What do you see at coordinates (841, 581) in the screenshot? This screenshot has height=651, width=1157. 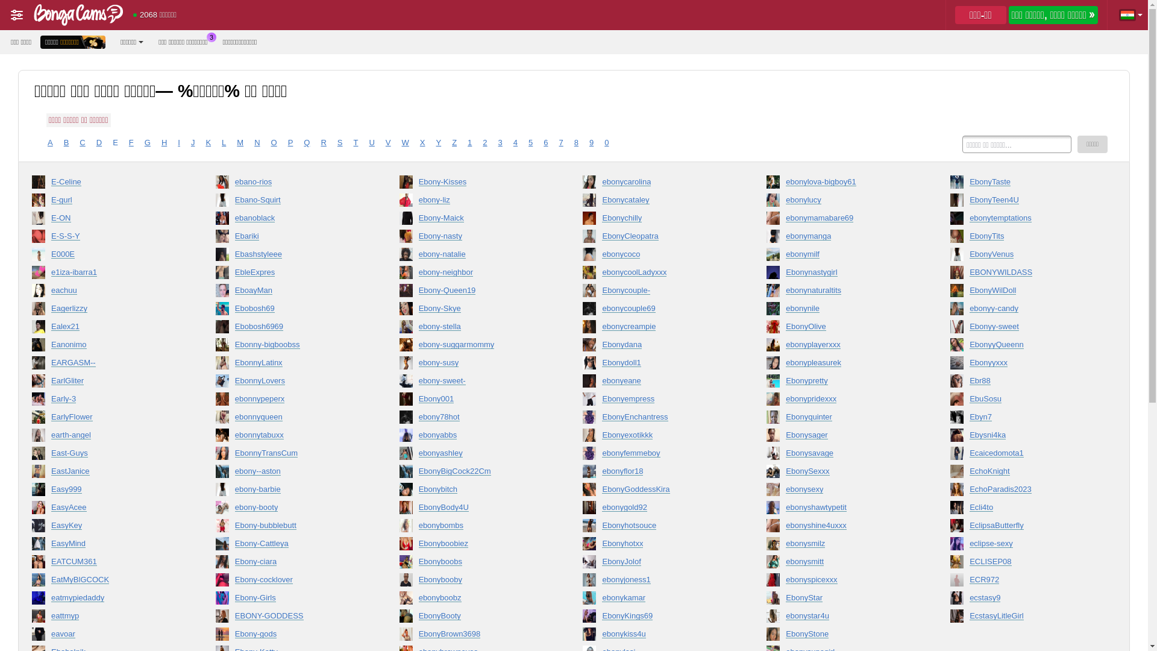 I see `'ebonyspicexxx'` at bounding box center [841, 581].